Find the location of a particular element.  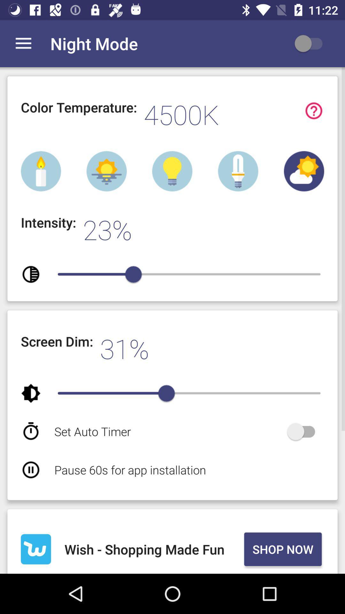

get more information about the definition of the color temperature is located at coordinates (313, 111).